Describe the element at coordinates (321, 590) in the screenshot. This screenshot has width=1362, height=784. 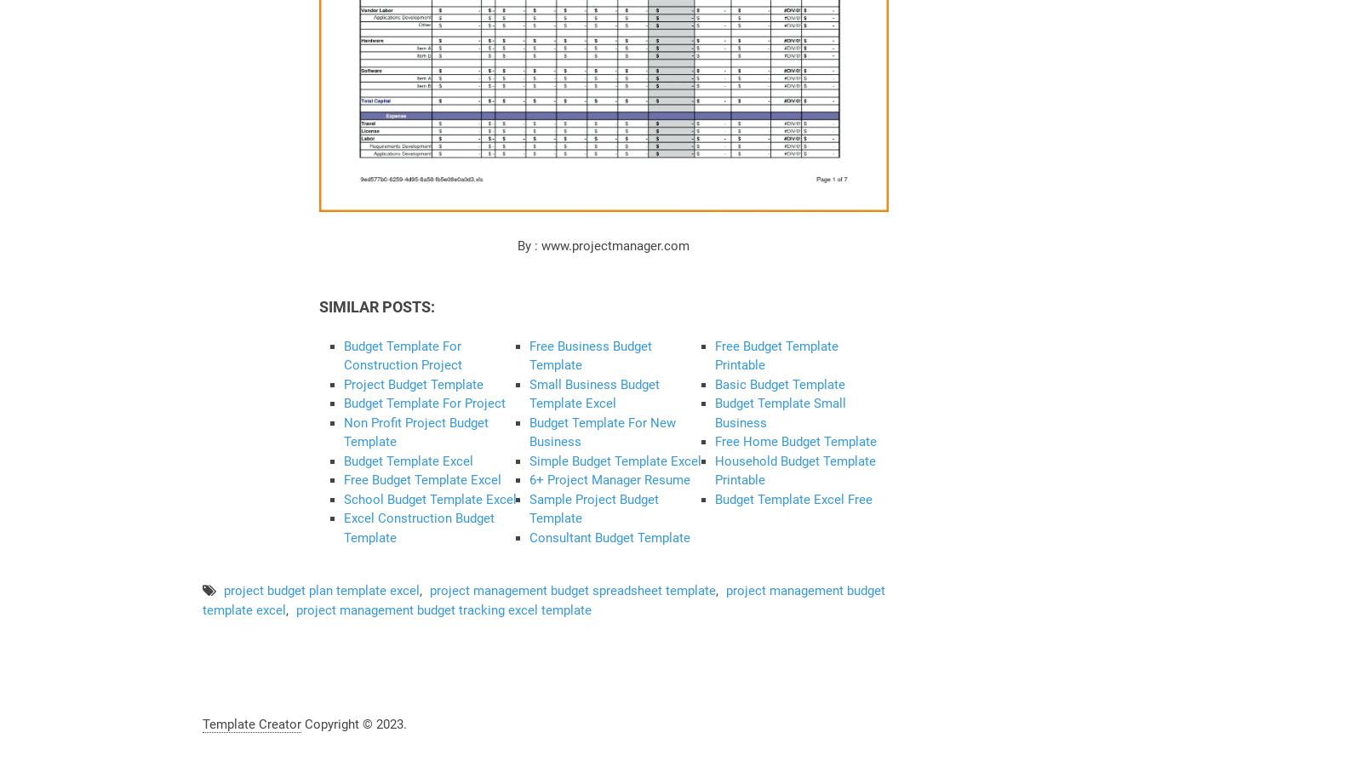
I see `'project budget plan template excel'` at that location.